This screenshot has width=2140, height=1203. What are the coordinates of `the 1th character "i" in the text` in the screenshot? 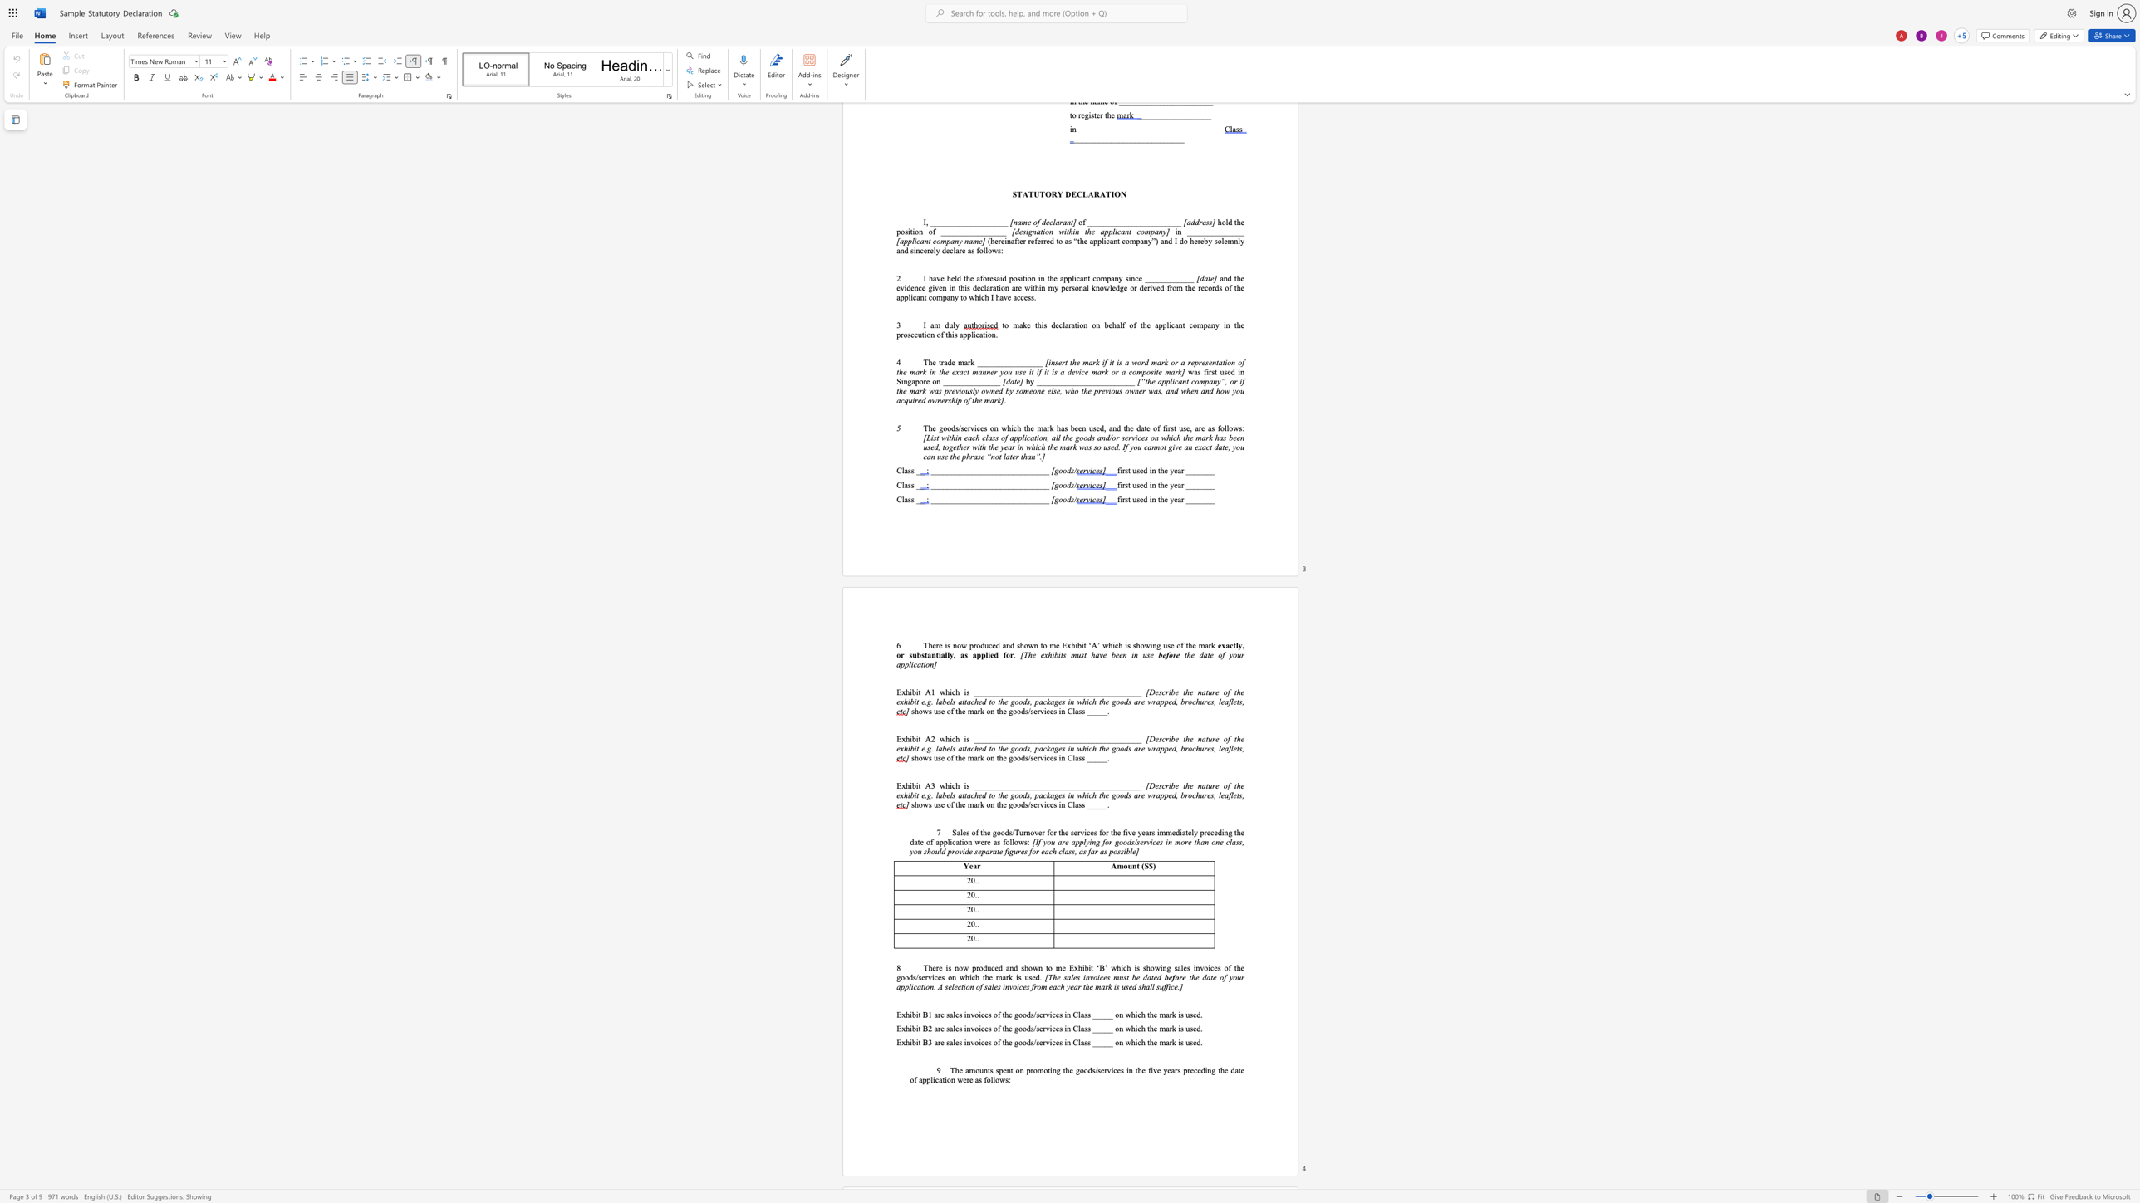 It's located at (939, 653).